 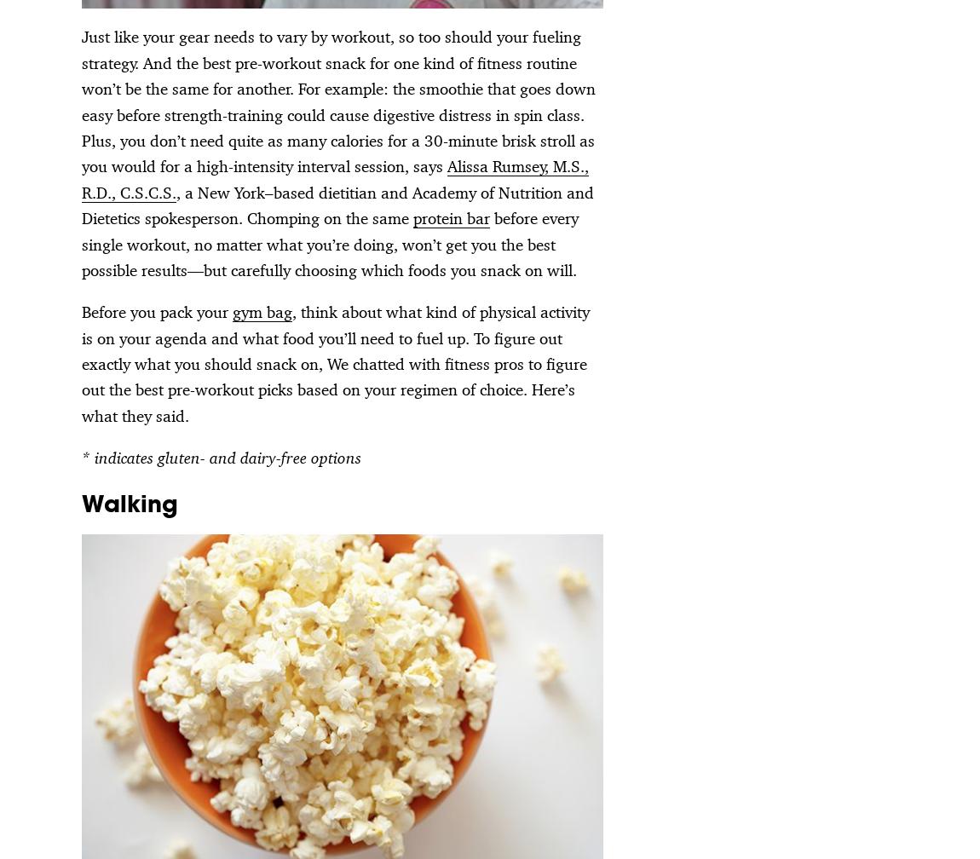 I want to click on 'Press Room', so click(x=490, y=686).